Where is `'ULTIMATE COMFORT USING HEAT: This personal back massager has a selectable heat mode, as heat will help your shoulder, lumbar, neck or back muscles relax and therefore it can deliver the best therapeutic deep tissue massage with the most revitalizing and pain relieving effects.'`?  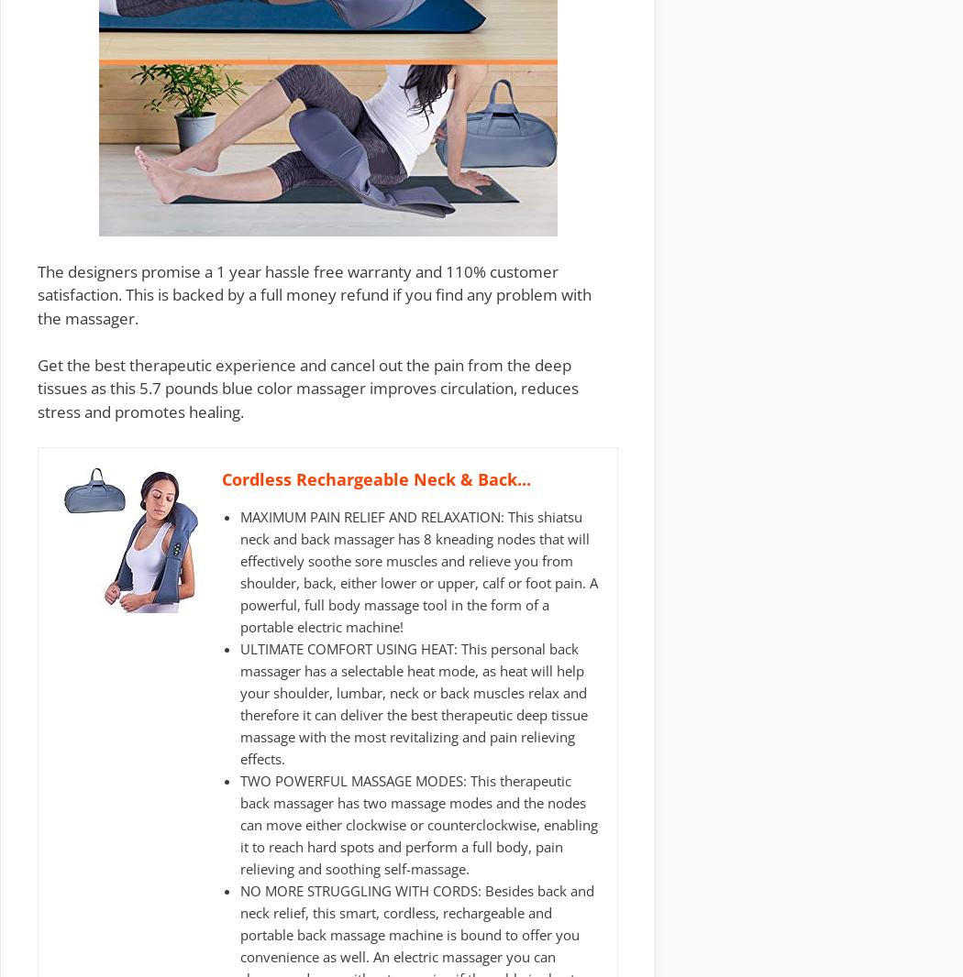
'ULTIMATE COMFORT USING HEAT: This personal back massager has a selectable heat mode, as heat will help your shoulder, lumbar, neck or back muscles relax and therefore it can deliver the best therapeutic deep tissue massage with the most revitalizing and pain relieving effects.' is located at coordinates (239, 703).